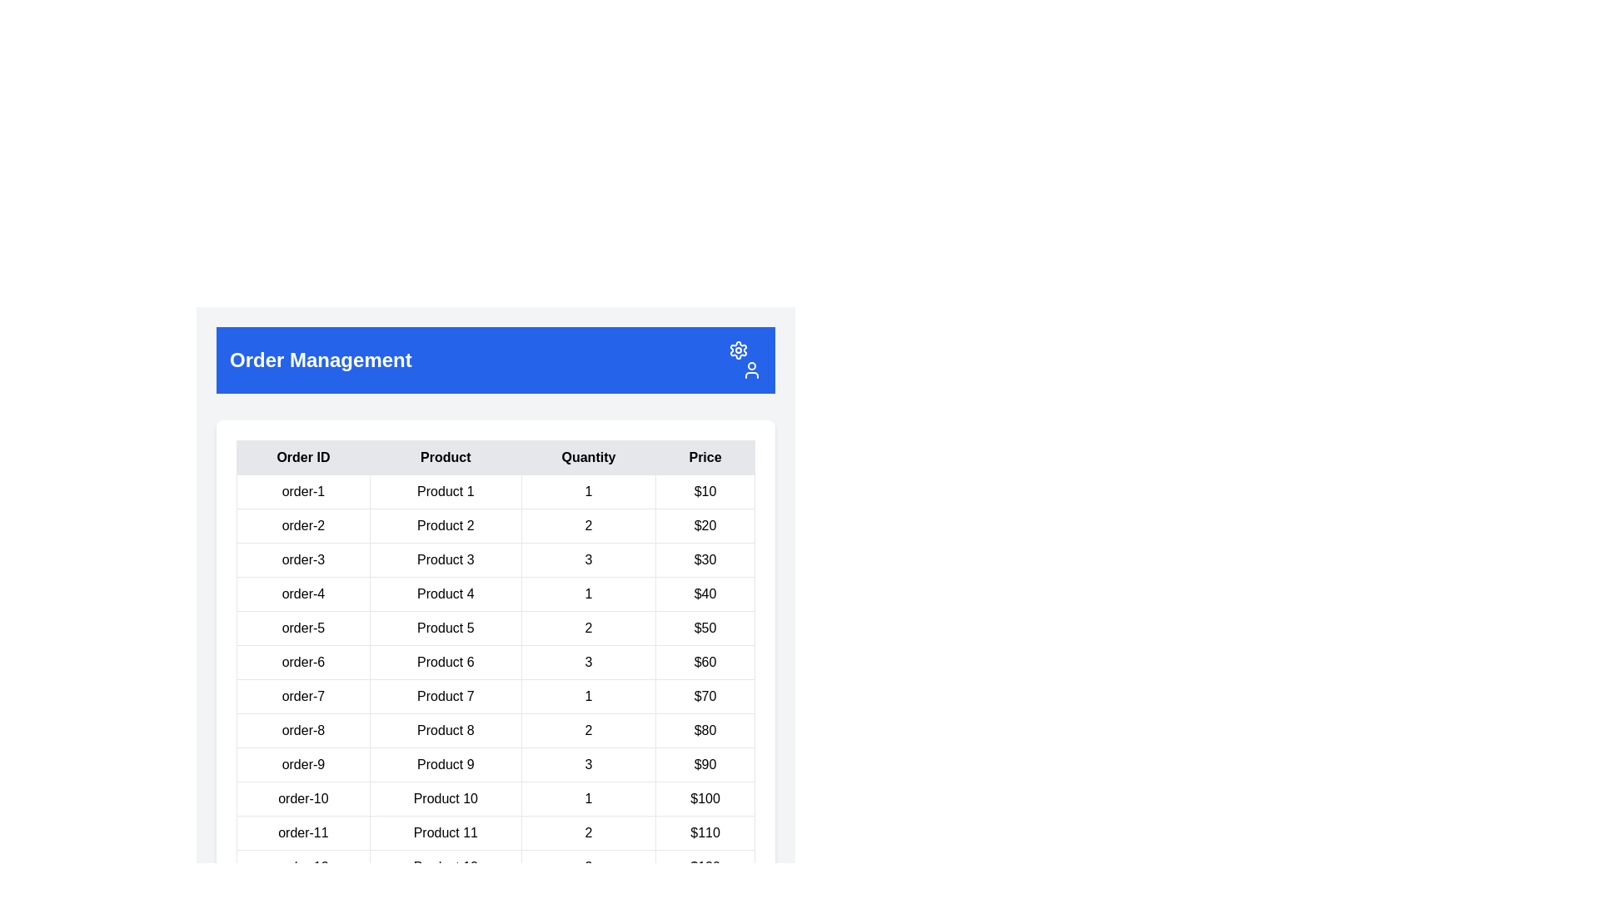 The image size is (1599, 899). I want to click on text displayed in the quantity cell located in the third column of the ninth row of the table, positioned between 'Product 9' and '$90', so click(588, 764).